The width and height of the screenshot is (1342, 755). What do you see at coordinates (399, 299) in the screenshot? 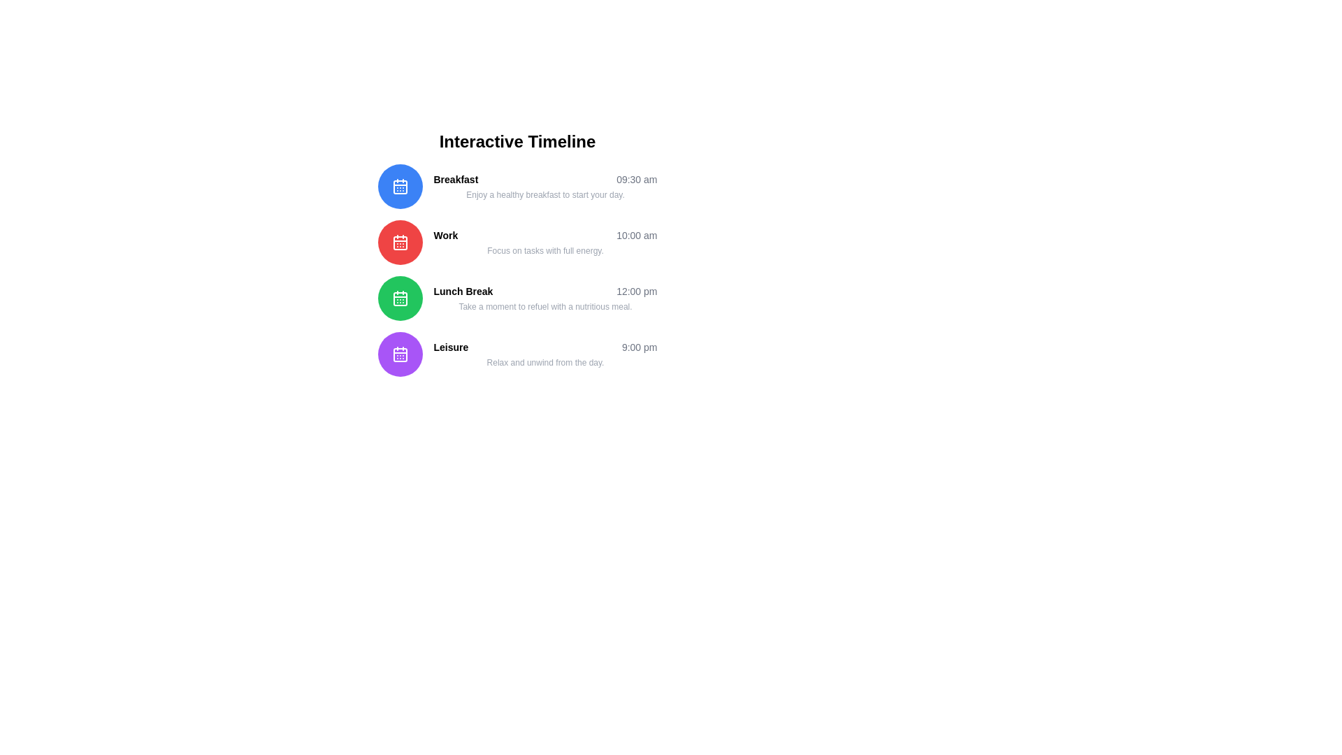
I see `the decorative graphical element that is part of the 'Lunch Break' calendar icon, positioned third from the top in the vertical list of elements` at bounding box center [399, 299].